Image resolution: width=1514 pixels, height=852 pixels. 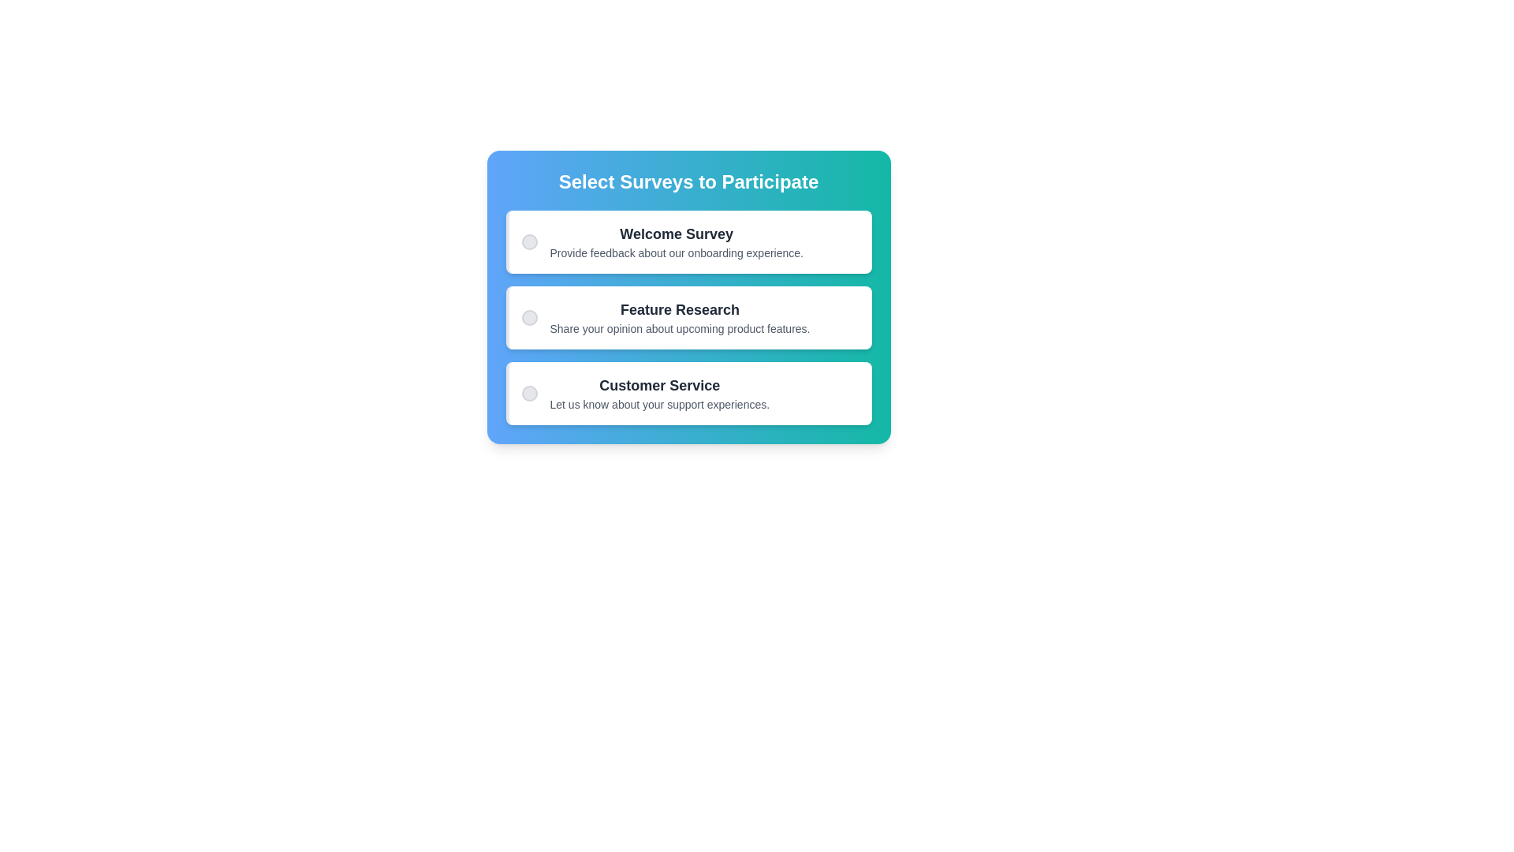 What do you see at coordinates (680, 317) in the screenshot?
I see `descriptive text block about the 'Feature Research' survey option, which is centrally located in the second box of the vertically stacked list of options, positioned below 'Welcome Survey' and above 'Customer Service'` at bounding box center [680, 317].